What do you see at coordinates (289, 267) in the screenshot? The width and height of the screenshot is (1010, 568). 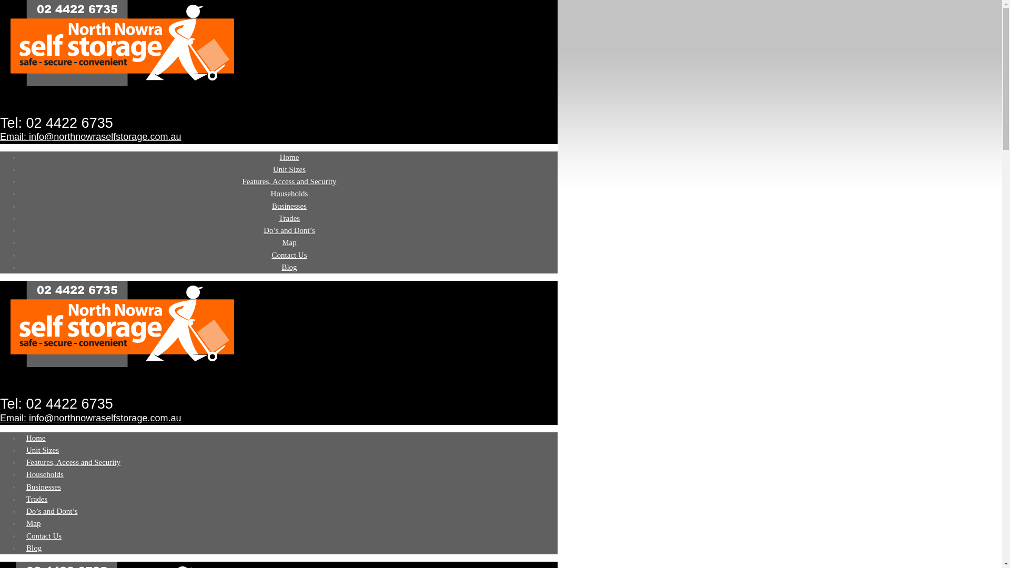 I see `'Blog'` at bounding box center [289, 267].